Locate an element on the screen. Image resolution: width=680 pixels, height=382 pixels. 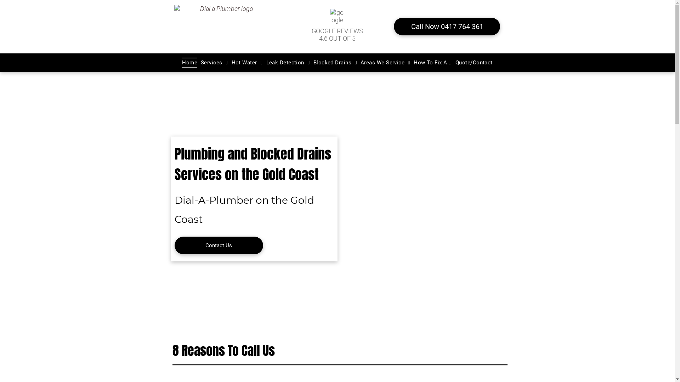
'How To Fix A...' is located at coordinates (432, 62).